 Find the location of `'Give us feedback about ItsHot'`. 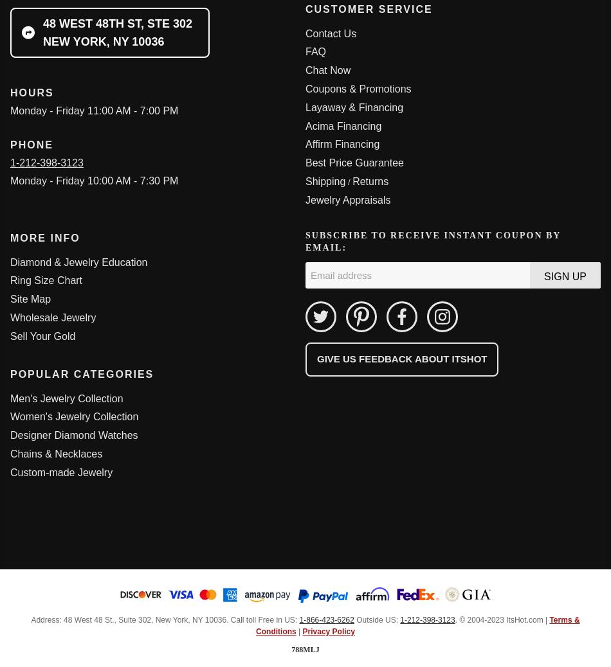

'Give us feedback about ItsHot' is located at coordinates (402, 357).